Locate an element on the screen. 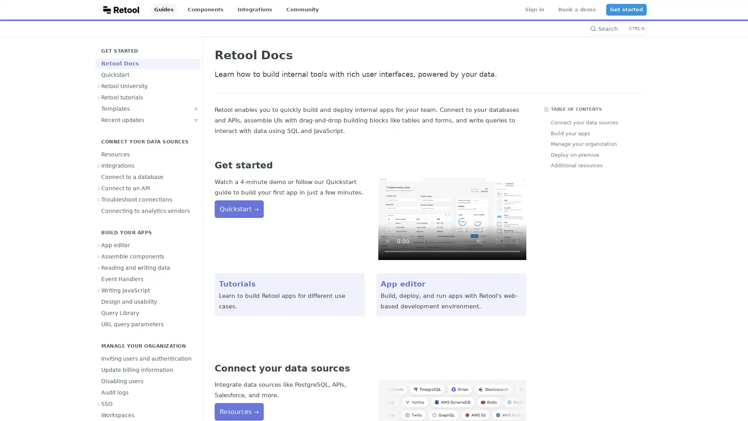 This screenshot has height=421, width=748. Show subpages for App editor is located at coordinates (99, 244).